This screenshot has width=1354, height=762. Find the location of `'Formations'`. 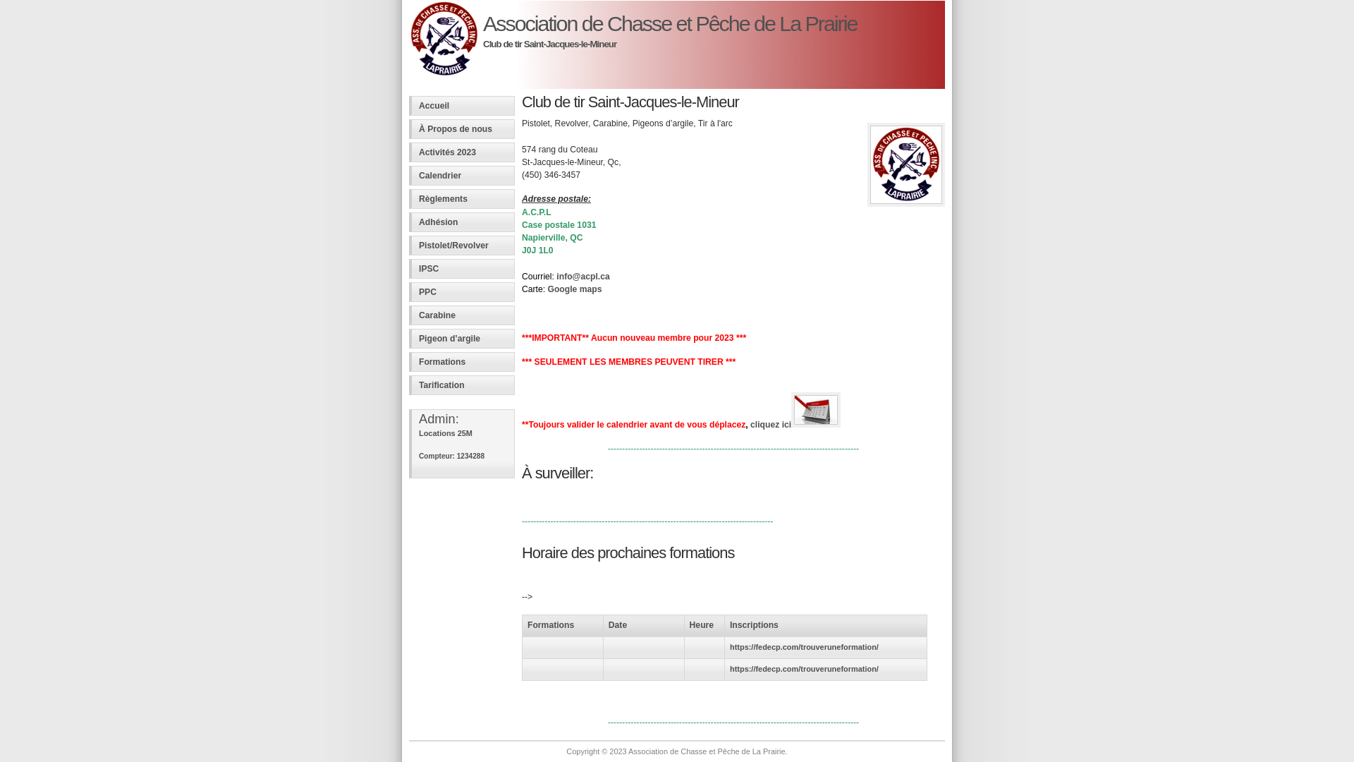

'Formations' is located at coordinates (461, 361).